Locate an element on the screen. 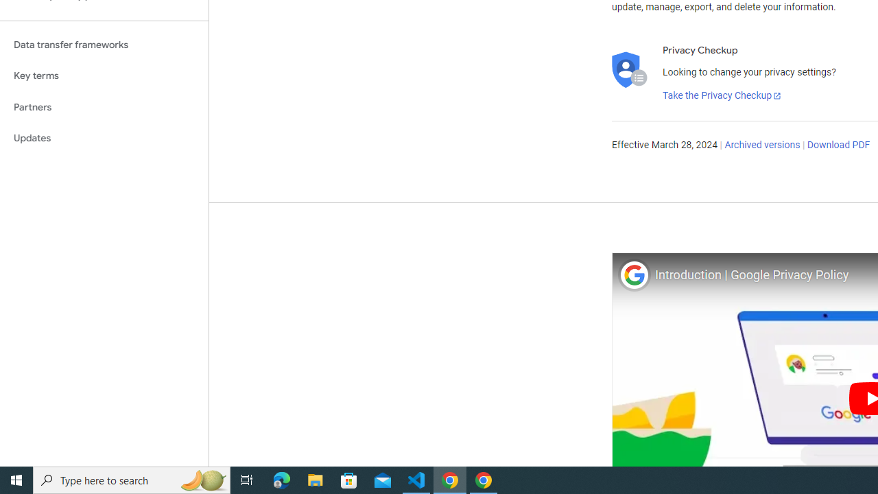 The image size is (878, 494). 'Photo image of Google' is located at coordinates (633, 274).